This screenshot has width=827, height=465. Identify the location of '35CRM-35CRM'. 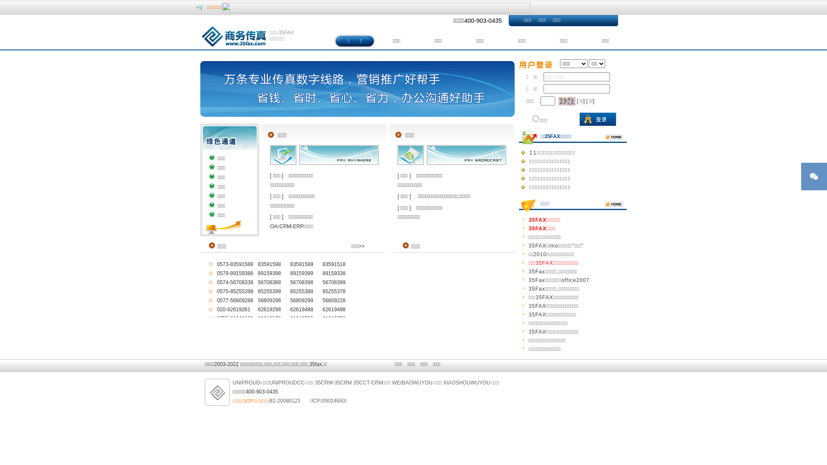
(314, 382).